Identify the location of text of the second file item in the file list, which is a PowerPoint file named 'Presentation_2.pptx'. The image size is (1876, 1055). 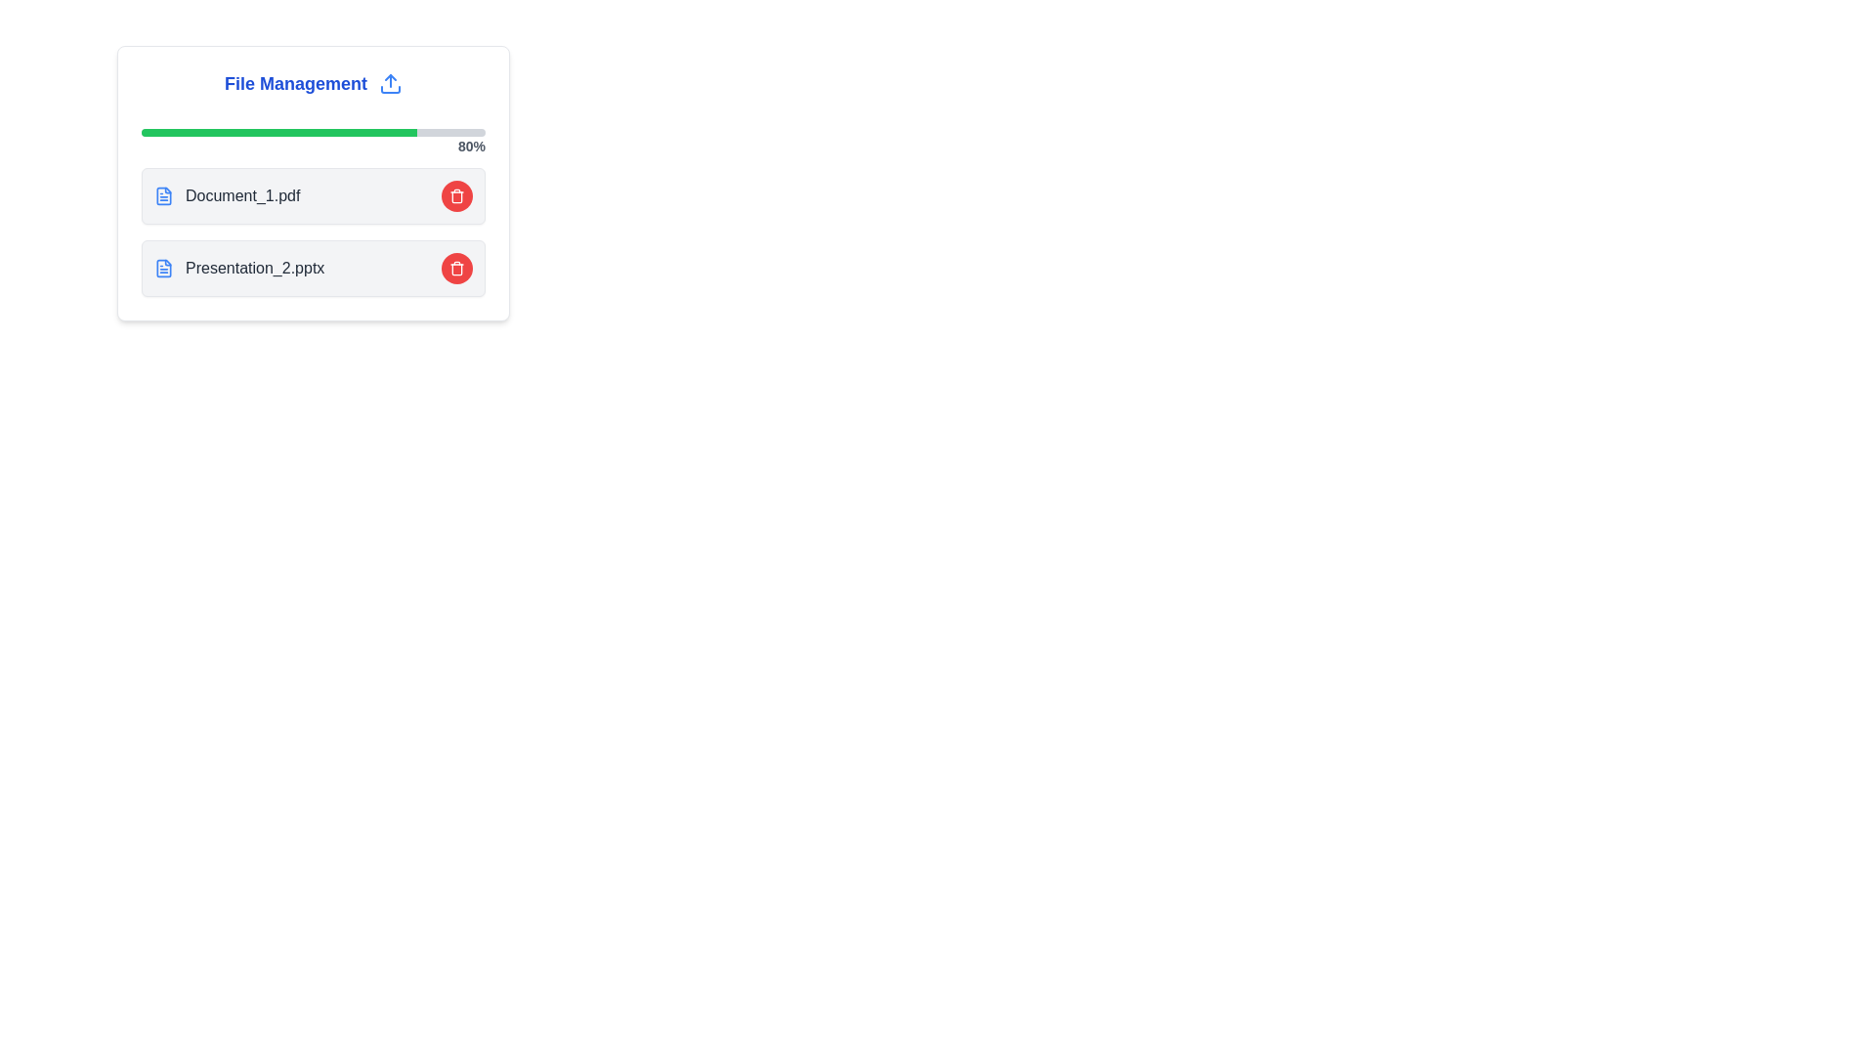
(254, 268).